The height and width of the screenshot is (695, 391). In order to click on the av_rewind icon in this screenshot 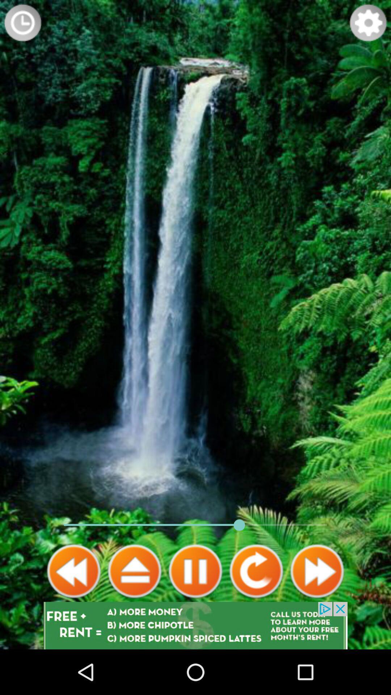, I will do `click(74, 611)`.